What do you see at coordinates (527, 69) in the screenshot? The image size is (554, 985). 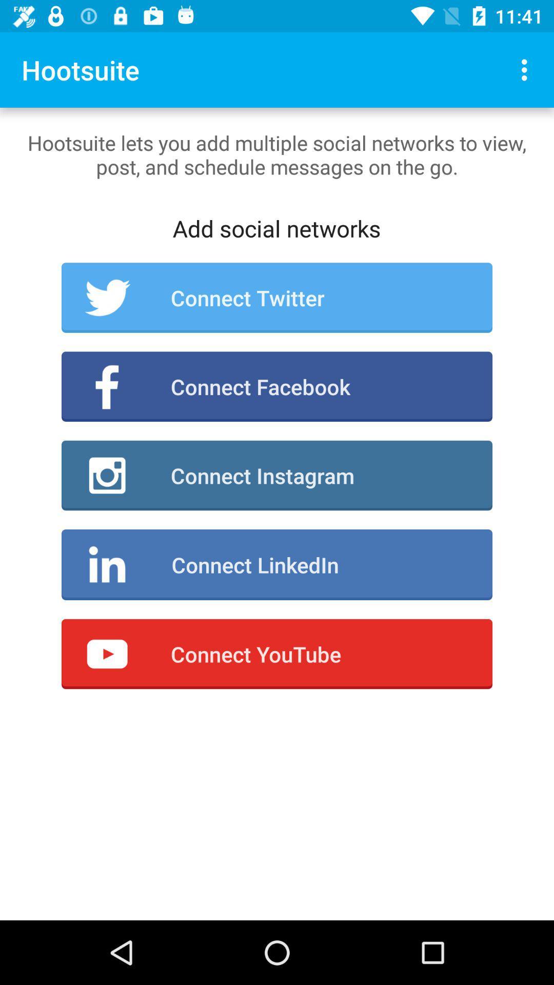 I see `icon above the hootsuite lets you` at bounding box center [527, 69].